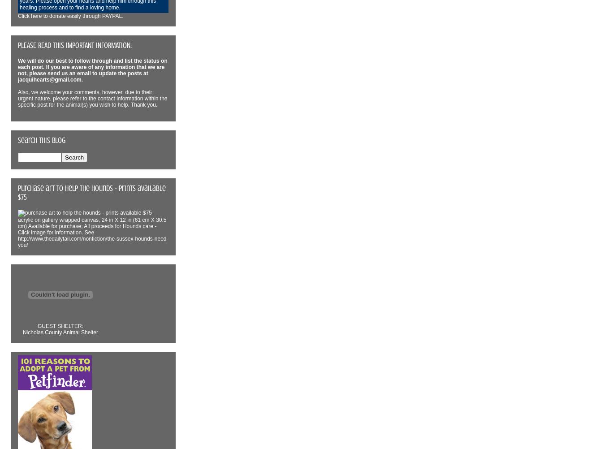  Describe the element at coordinates (17, 45) in the screenshot. I see `'PLEASE READ THIS IMPORTANT INFORMATION:'` at that location.